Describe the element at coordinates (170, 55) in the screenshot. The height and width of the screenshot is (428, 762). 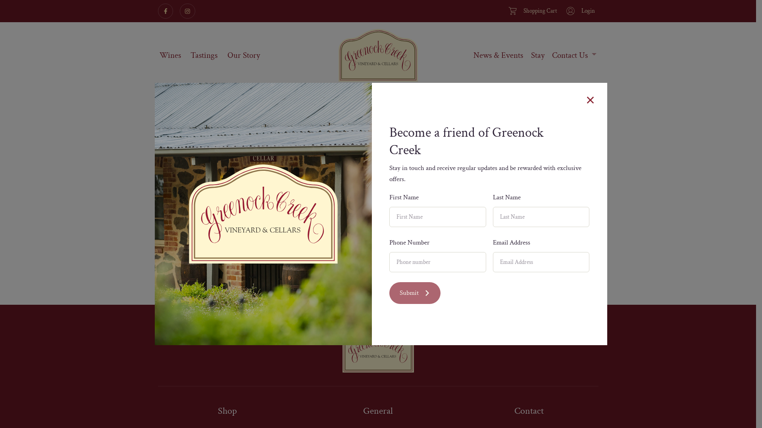
I see `'Wines'` at that location.